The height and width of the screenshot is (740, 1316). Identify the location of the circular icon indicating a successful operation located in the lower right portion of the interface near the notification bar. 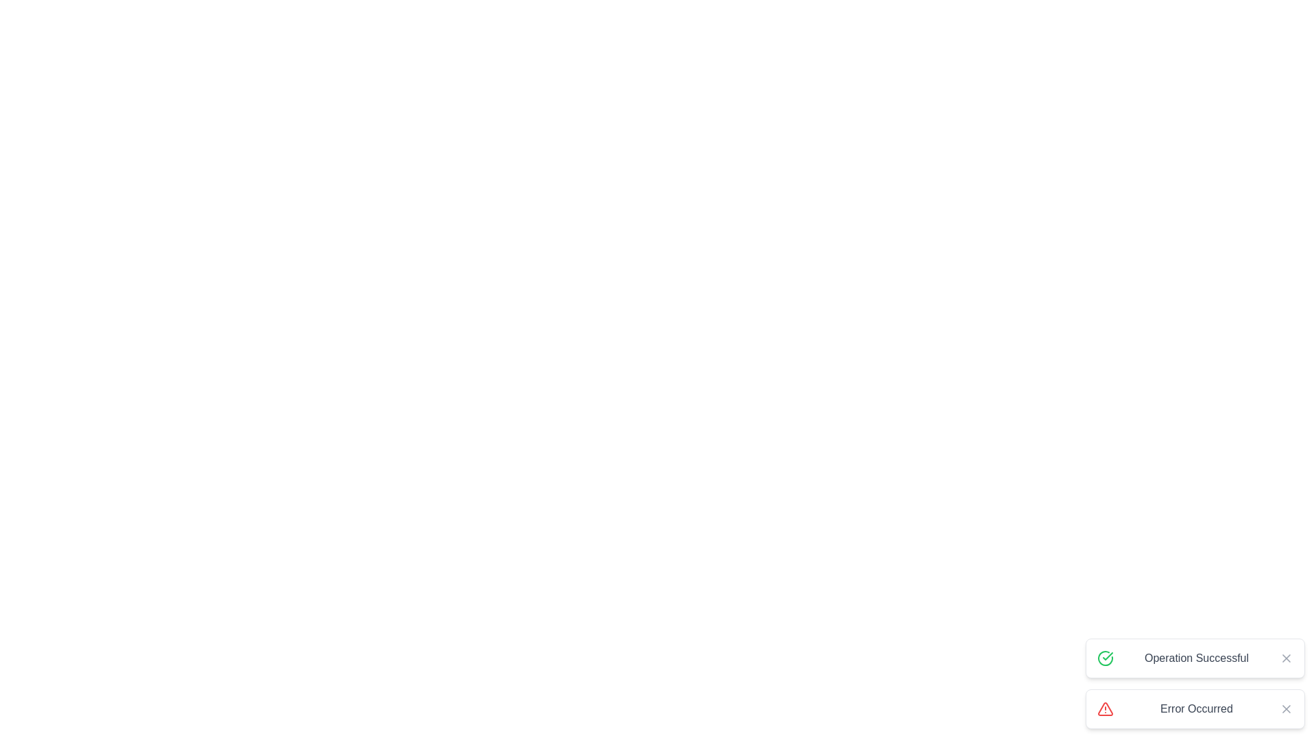
(1108, 655).